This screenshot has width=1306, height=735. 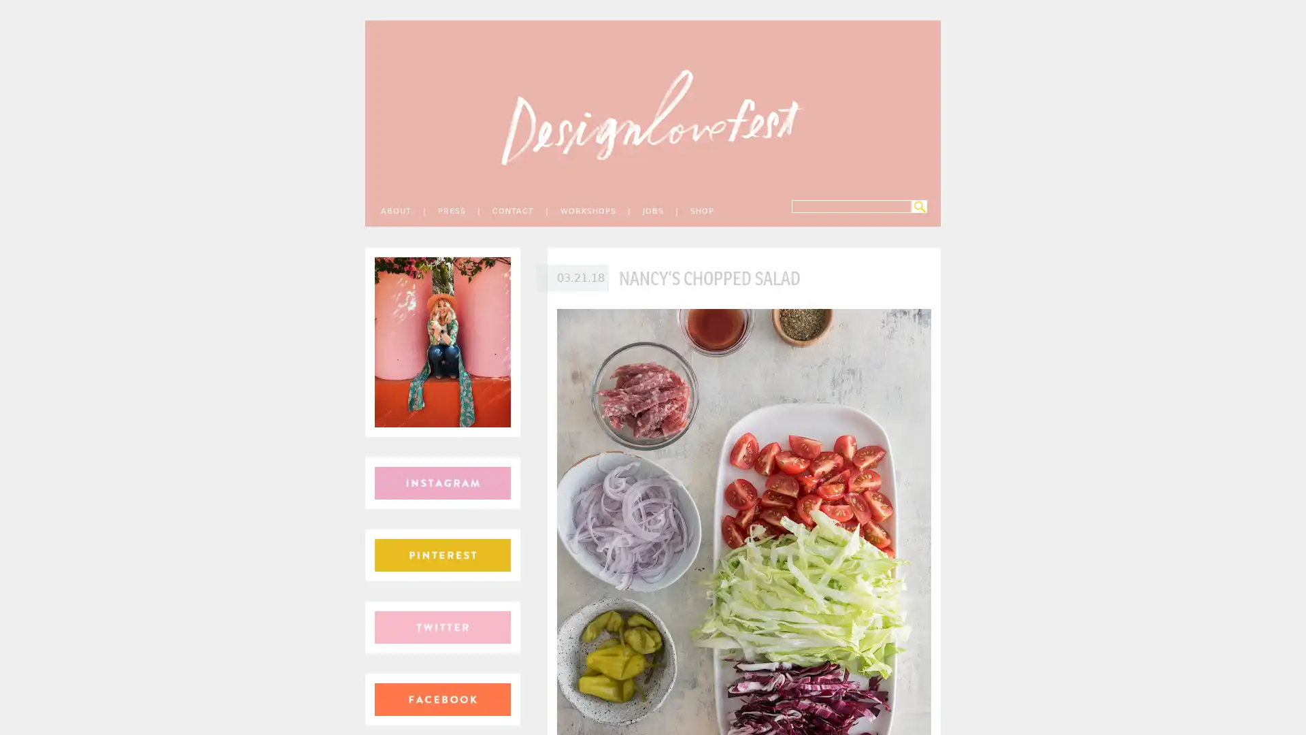 What do you see at coordinates (920, 206) in the screenshot?
I see `Search` at bounding box center [920, 206].